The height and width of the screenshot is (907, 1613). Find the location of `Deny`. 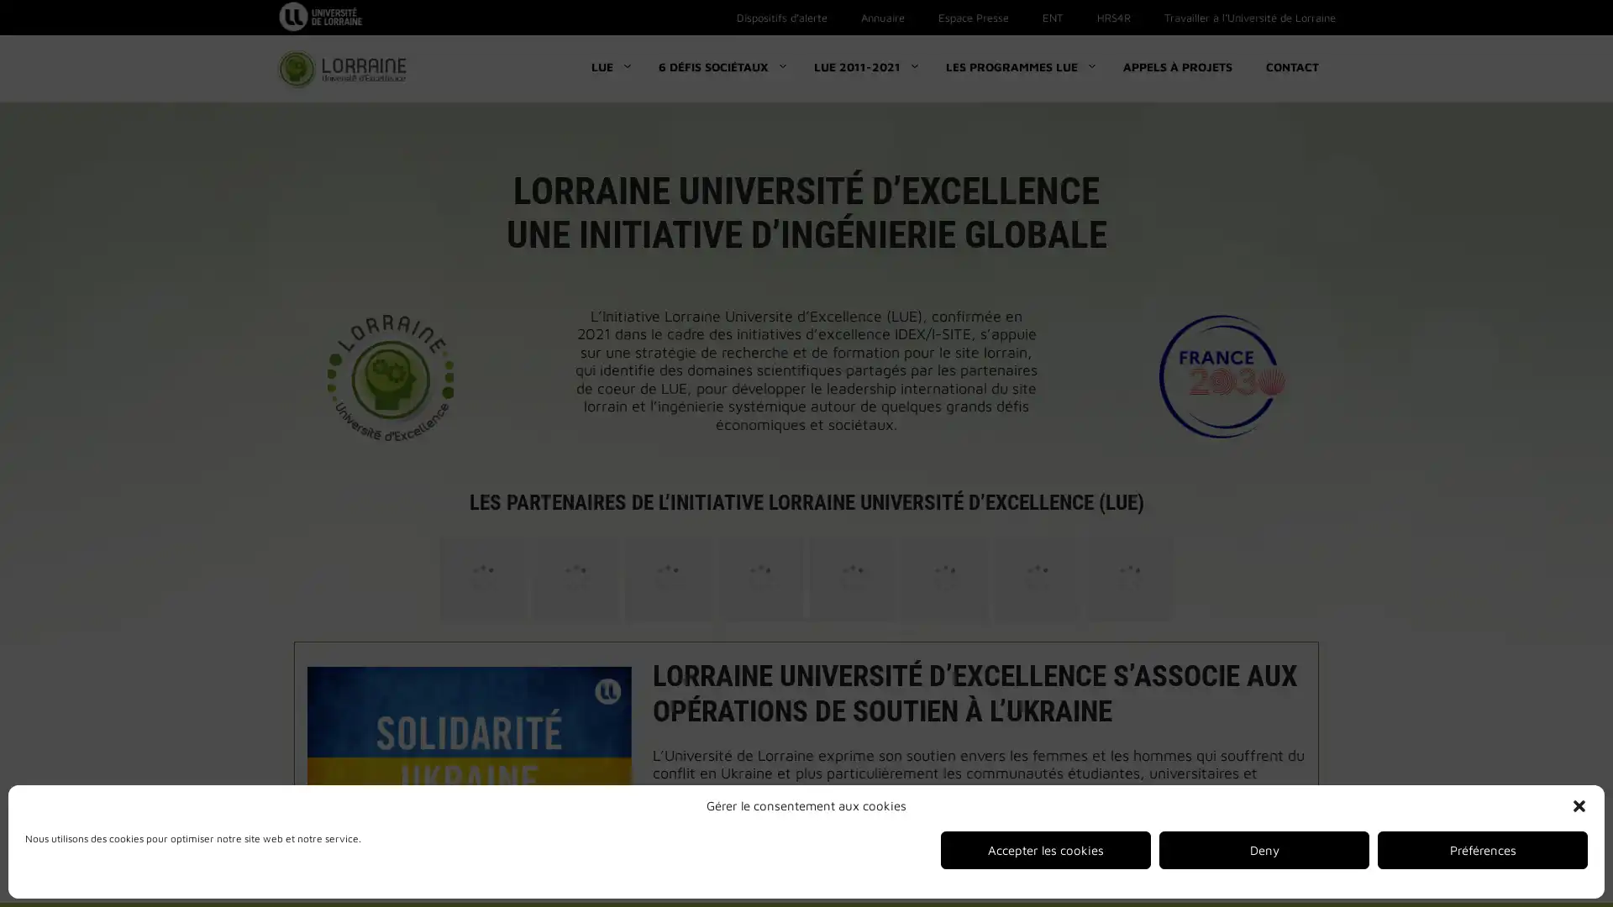

Deny is located at coordinates (1264, 850).